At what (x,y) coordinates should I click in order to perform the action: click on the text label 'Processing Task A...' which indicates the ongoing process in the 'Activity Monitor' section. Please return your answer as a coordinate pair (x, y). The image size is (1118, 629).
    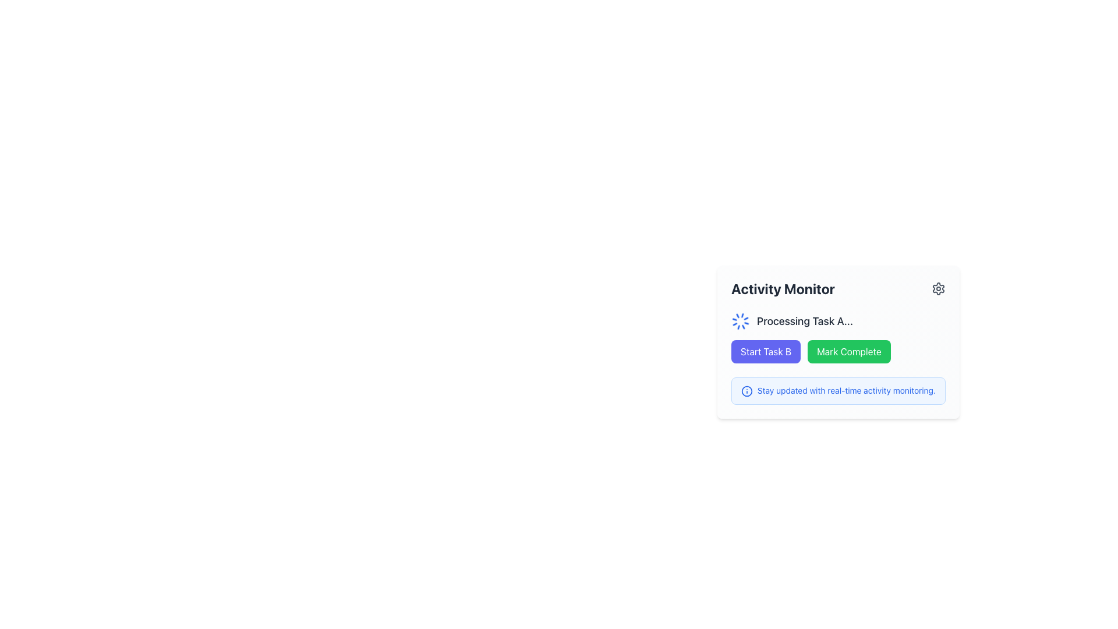
    Looking at the image, I should click on (804, 321).